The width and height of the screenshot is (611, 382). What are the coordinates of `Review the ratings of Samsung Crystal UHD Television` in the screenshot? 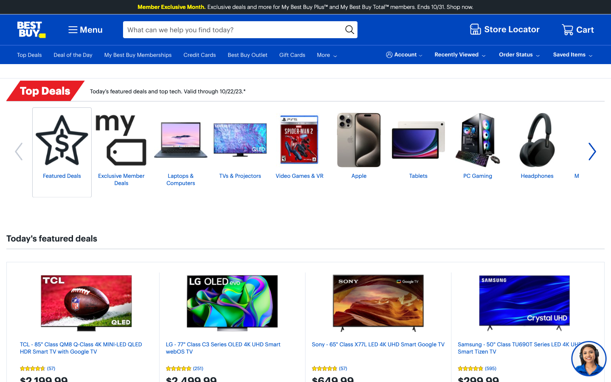 It's located at (524, 368).